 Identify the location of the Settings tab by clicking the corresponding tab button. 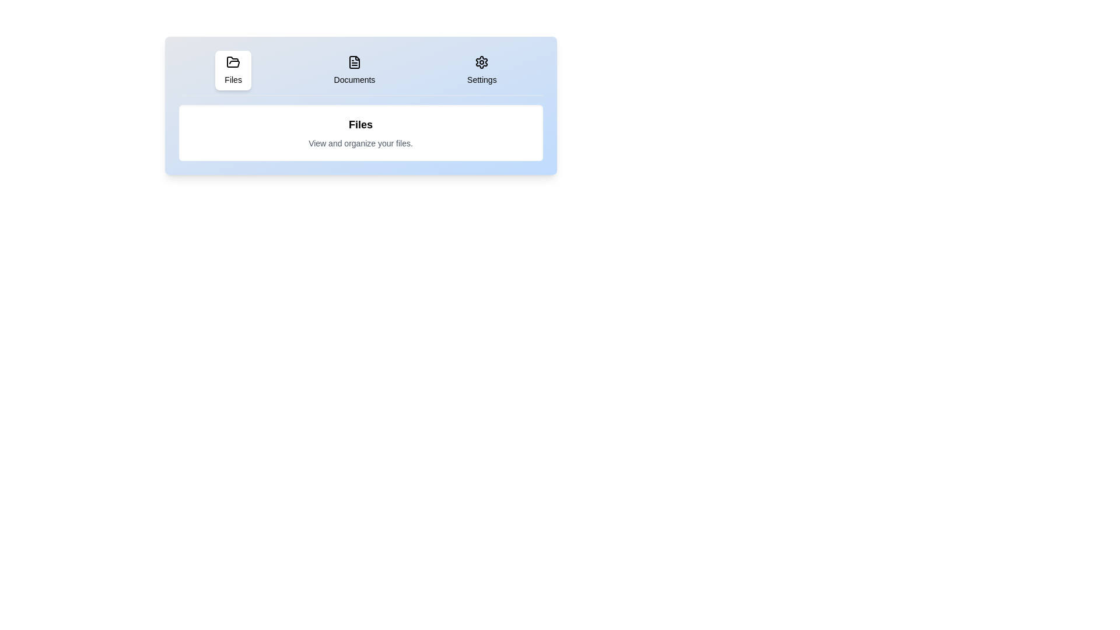
(481, 70).